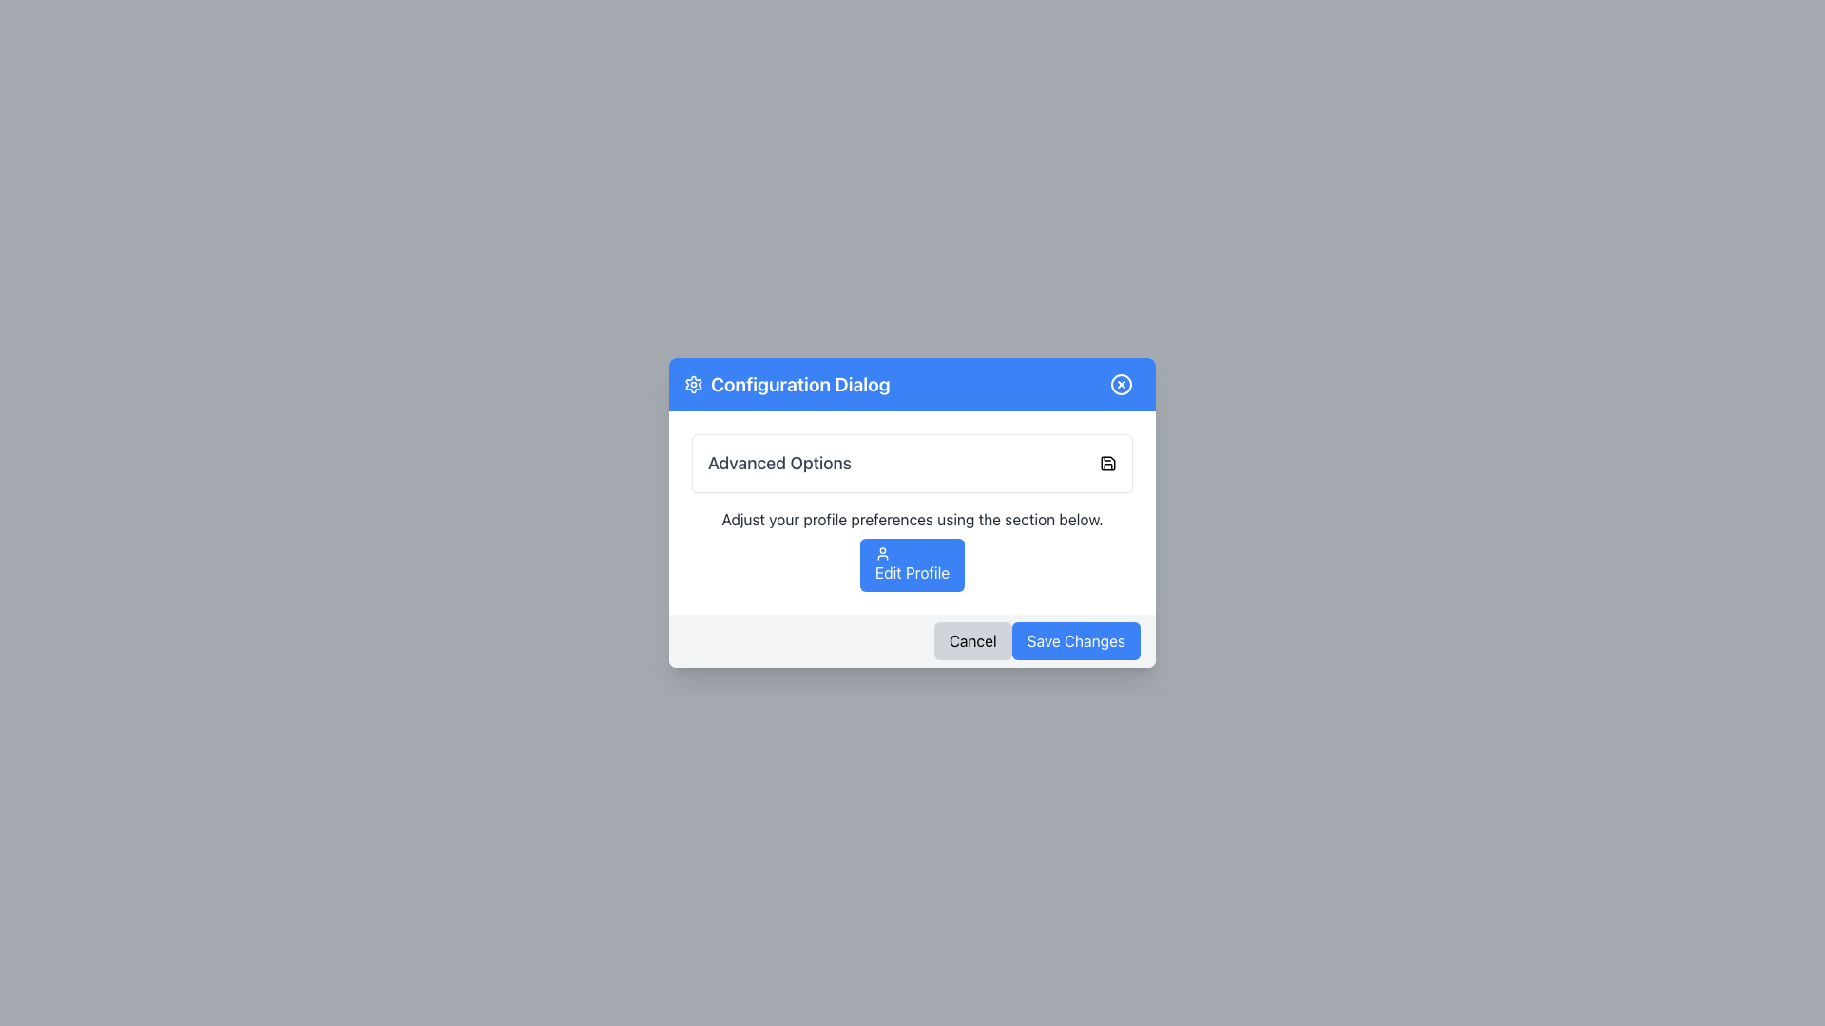 The width and height of the screenshot is (1825, 1026). Describe the element at coordinates (1122, 385) in the screenshot. I see `the close icon button located in the top-right corner of the blue header of the 'Configuration Dialog'` at that location.